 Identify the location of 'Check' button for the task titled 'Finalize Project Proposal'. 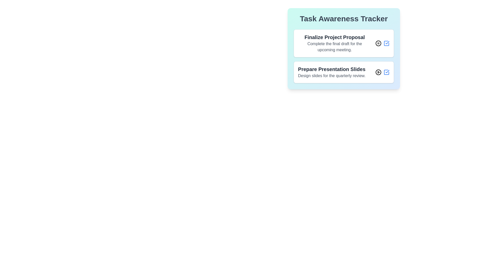
(386, 43).